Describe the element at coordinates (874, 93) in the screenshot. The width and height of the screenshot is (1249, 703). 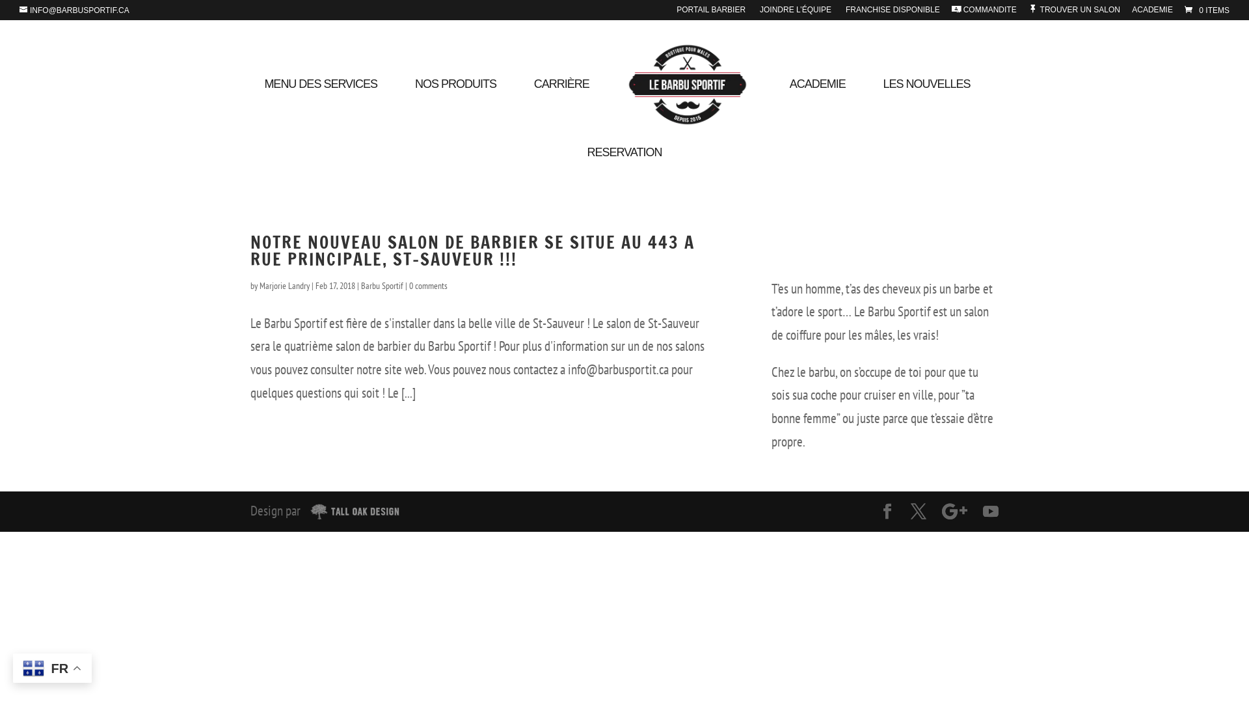
I see `'LES NOUVELLES'` at that location.